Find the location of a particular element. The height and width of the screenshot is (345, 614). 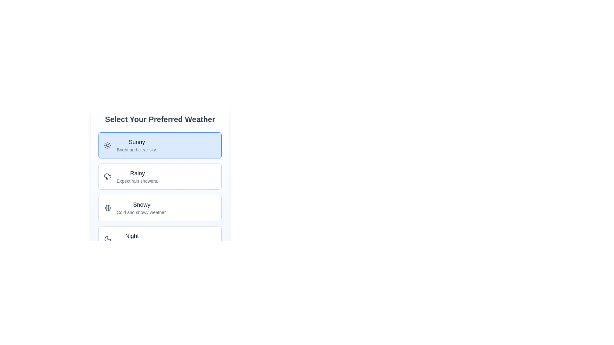

the 'Night' icon located at the bottom of the weather options list, which visually represents nighttime is located at coordinates (107, 239).